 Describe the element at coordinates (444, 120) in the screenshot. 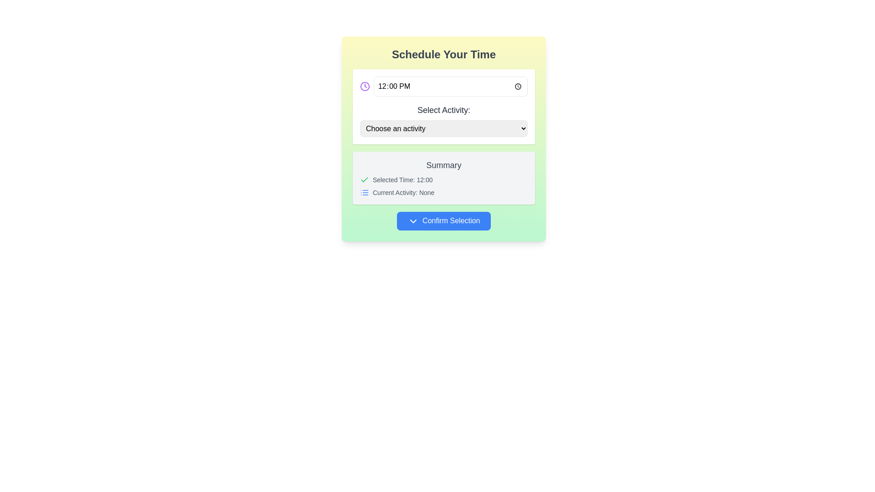

I see `an option from the dropdown menu labeled 'Select Activity:' which is displayed with bold text and is located near the center of the interface, below the time selection component` at that location.